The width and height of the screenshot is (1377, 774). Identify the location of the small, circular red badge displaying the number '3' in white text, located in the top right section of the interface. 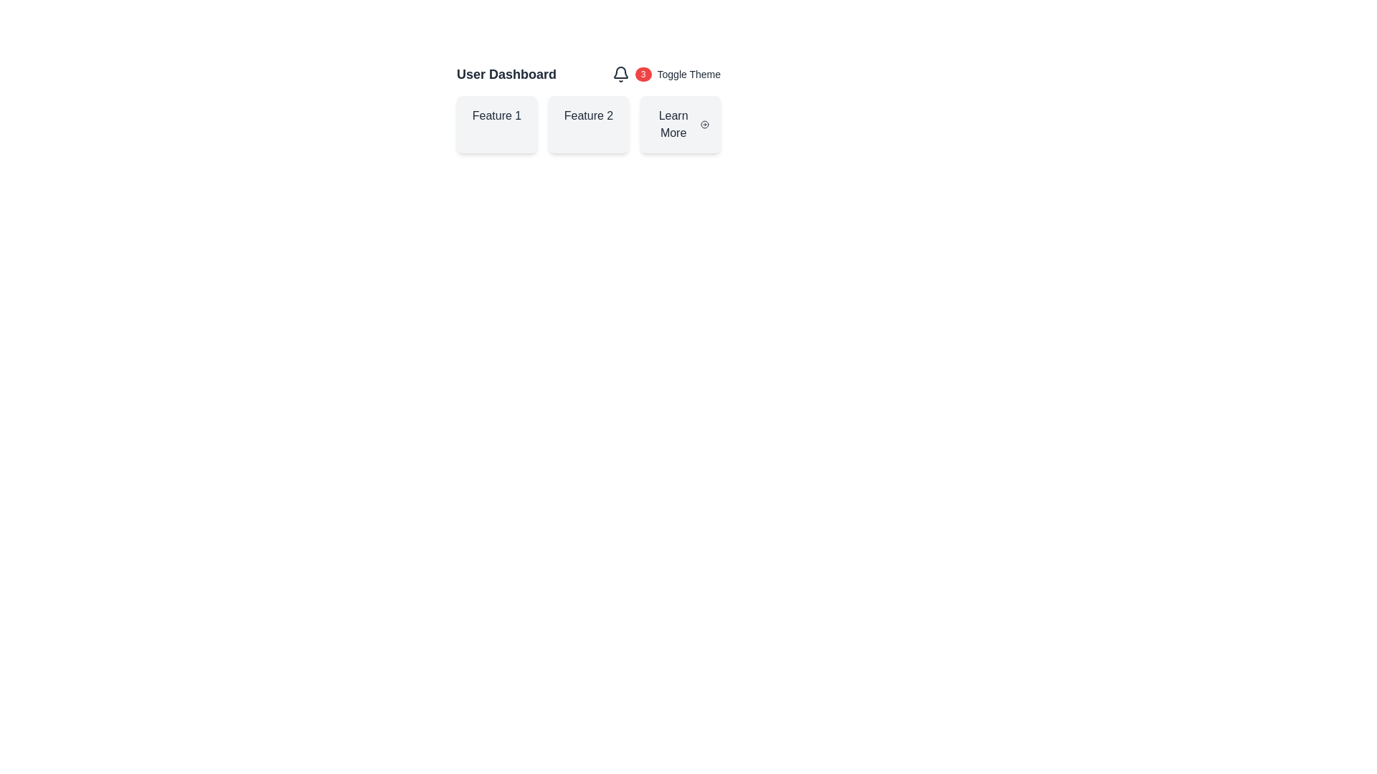
(643, 75).